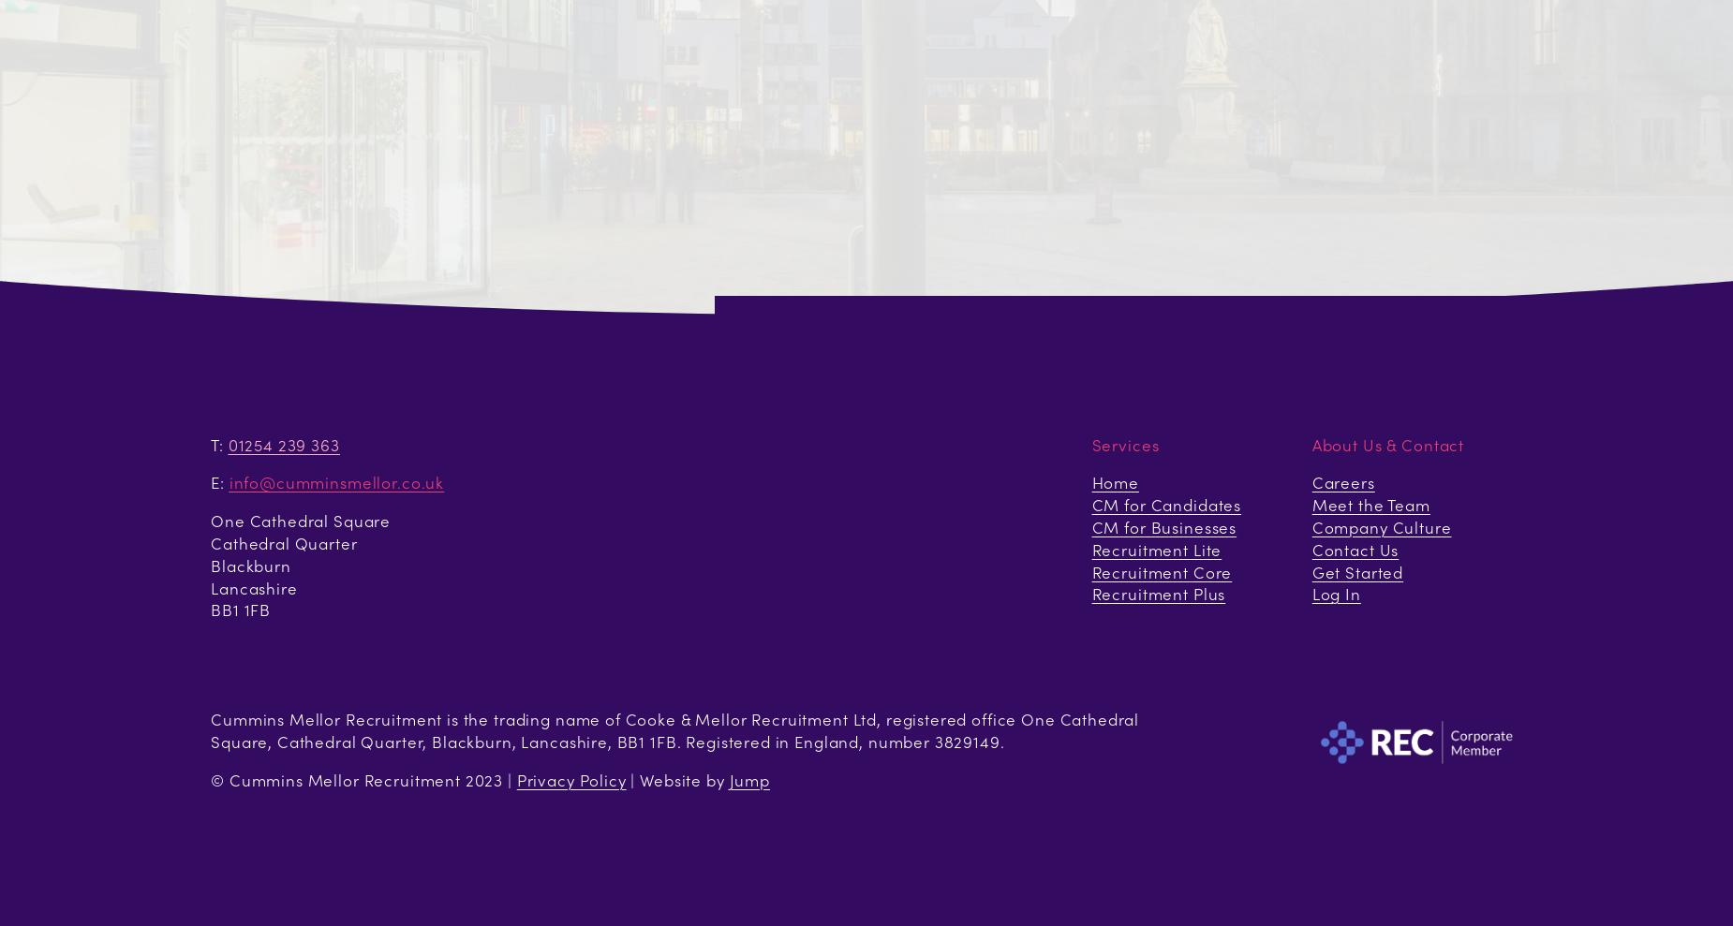 The width and height of the screenshot is (1733, 926). Describe the element at coordinates (1089, 481) in the screenshot. I see `'Home'` at that location.